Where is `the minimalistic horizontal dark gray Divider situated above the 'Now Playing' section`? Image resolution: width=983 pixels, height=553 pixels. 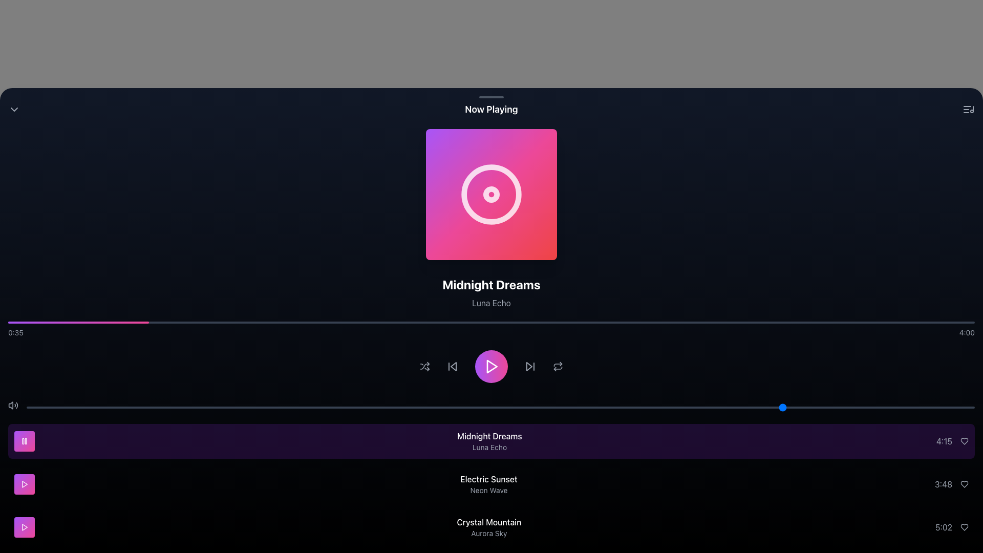 the minimalistic horizontal dark gray Divider situated above the 'Now Playing' section is located at coordinates (491, 97).